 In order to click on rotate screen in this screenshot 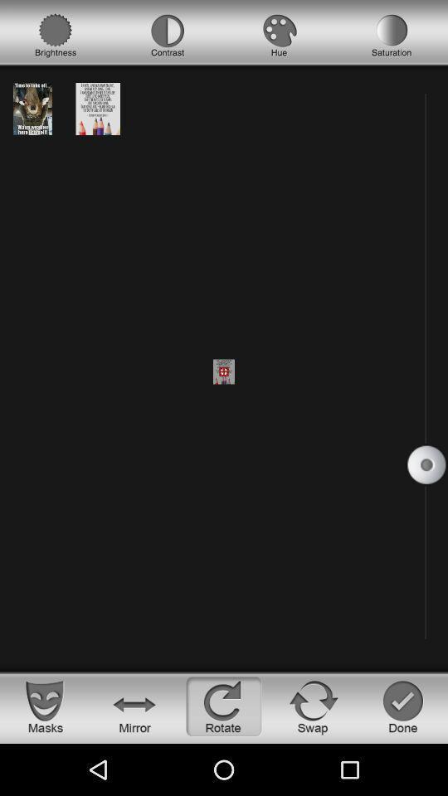, I will do `click(224, 706)`.